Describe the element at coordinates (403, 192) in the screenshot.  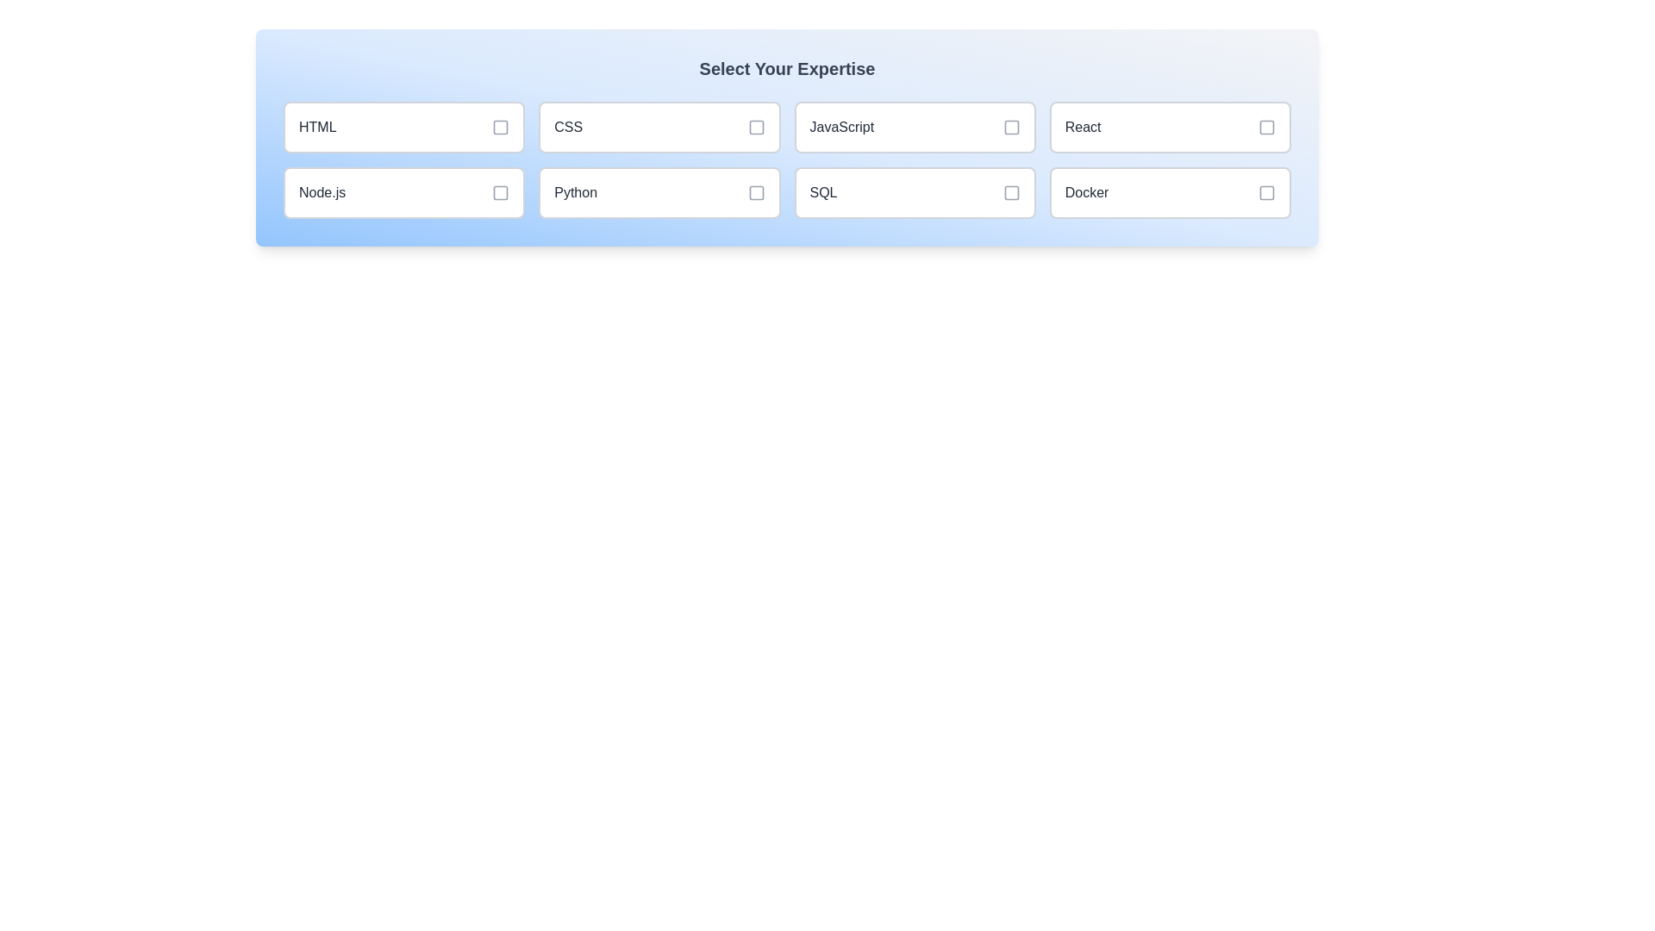
I see `the skill item labeled Node.js to toggle its selection state` at that location.